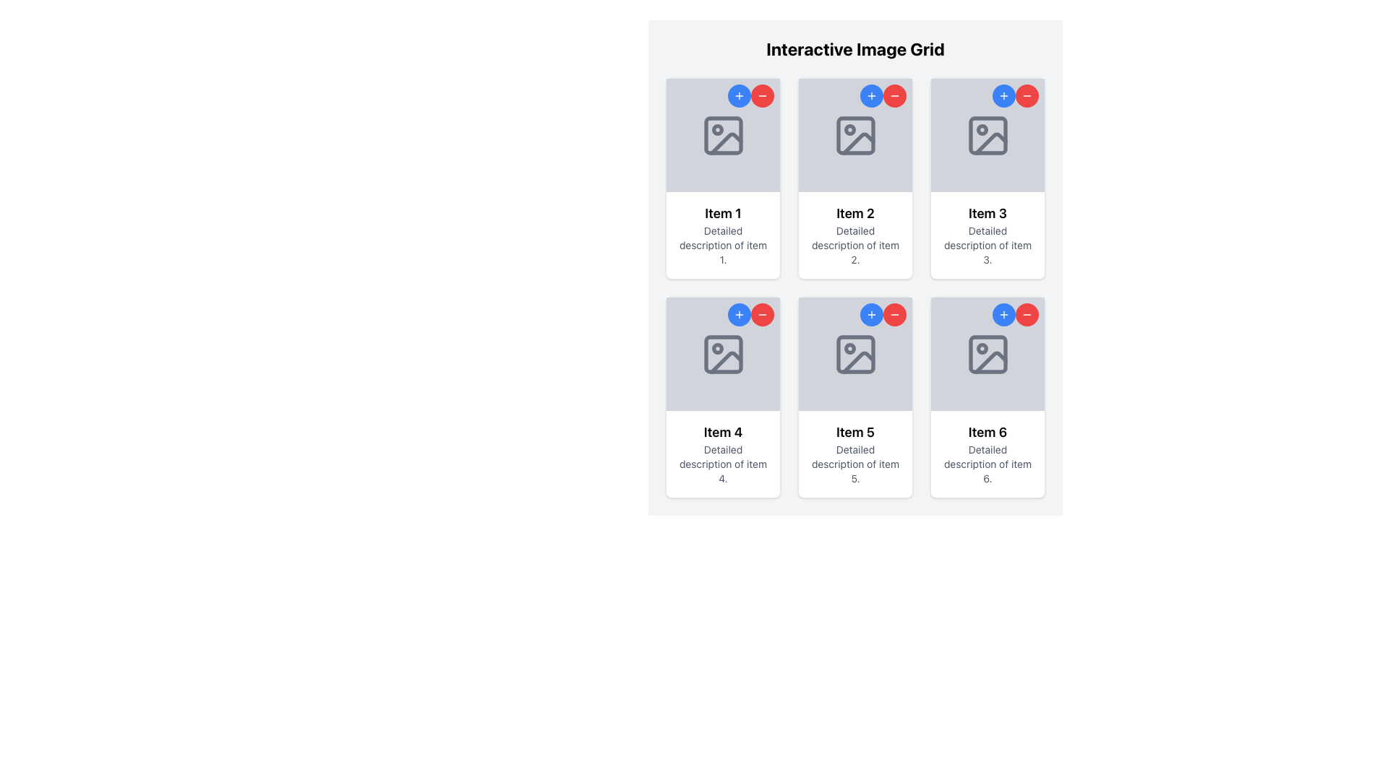 The height and width of the screenshot is (780, 1388). I want to click on the image icon with a gray color and bold outline, located in the second item of the top row of the grid, so click(855, 135).